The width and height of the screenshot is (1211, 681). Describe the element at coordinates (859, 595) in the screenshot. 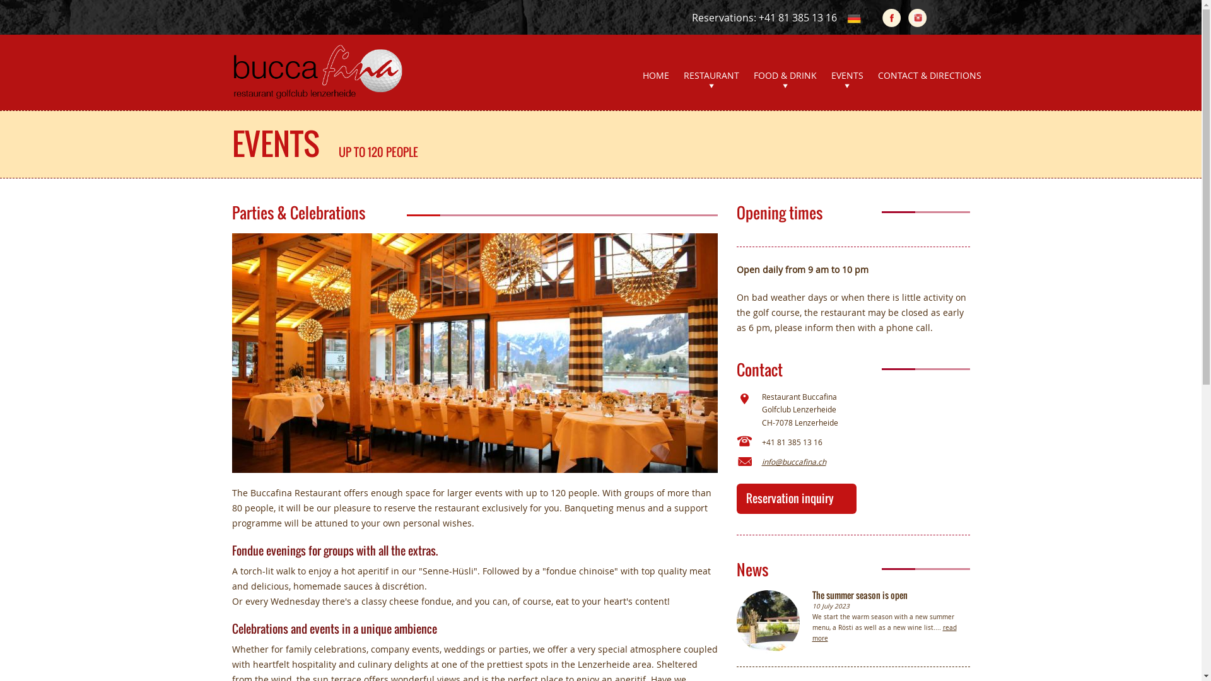

I see `'The summer season is open'` at that location.